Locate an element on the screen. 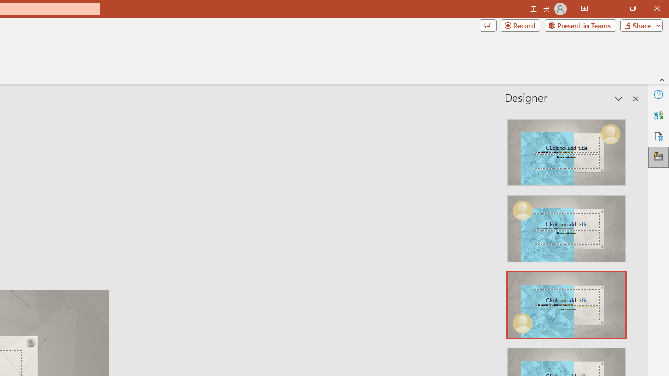  'Close pane' is located at coordinates (635, 99).